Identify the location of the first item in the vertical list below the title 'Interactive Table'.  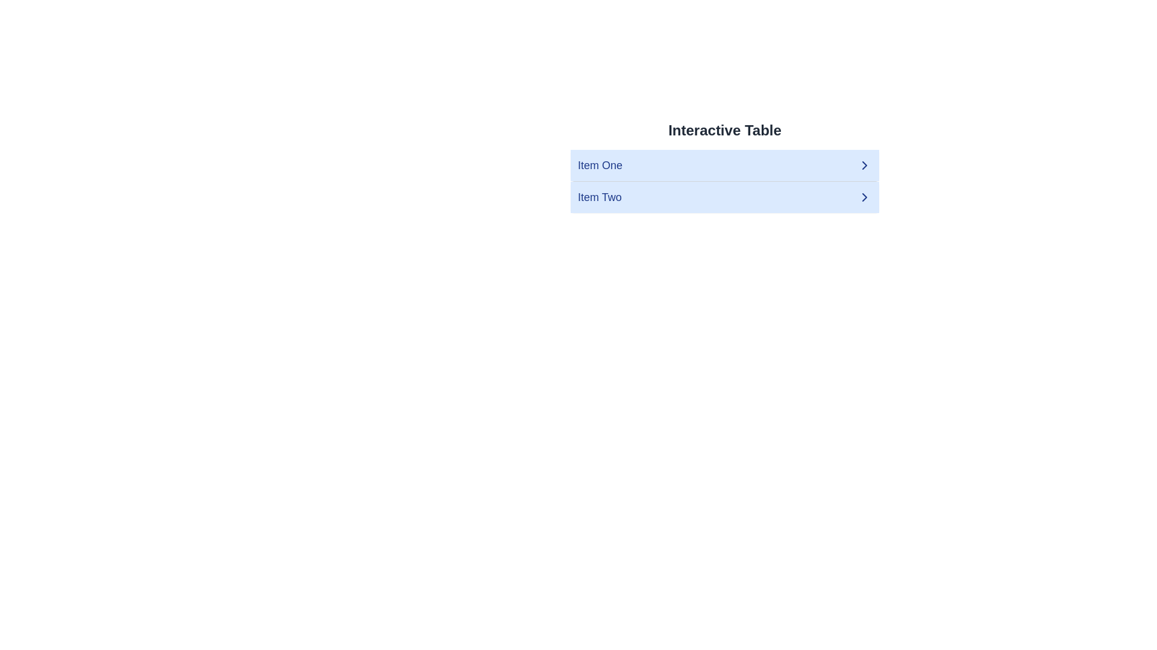
(724, 165).